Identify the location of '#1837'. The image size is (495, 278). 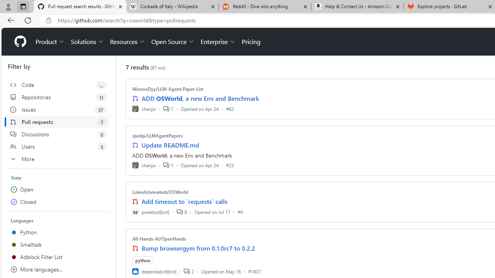
(254, 271).